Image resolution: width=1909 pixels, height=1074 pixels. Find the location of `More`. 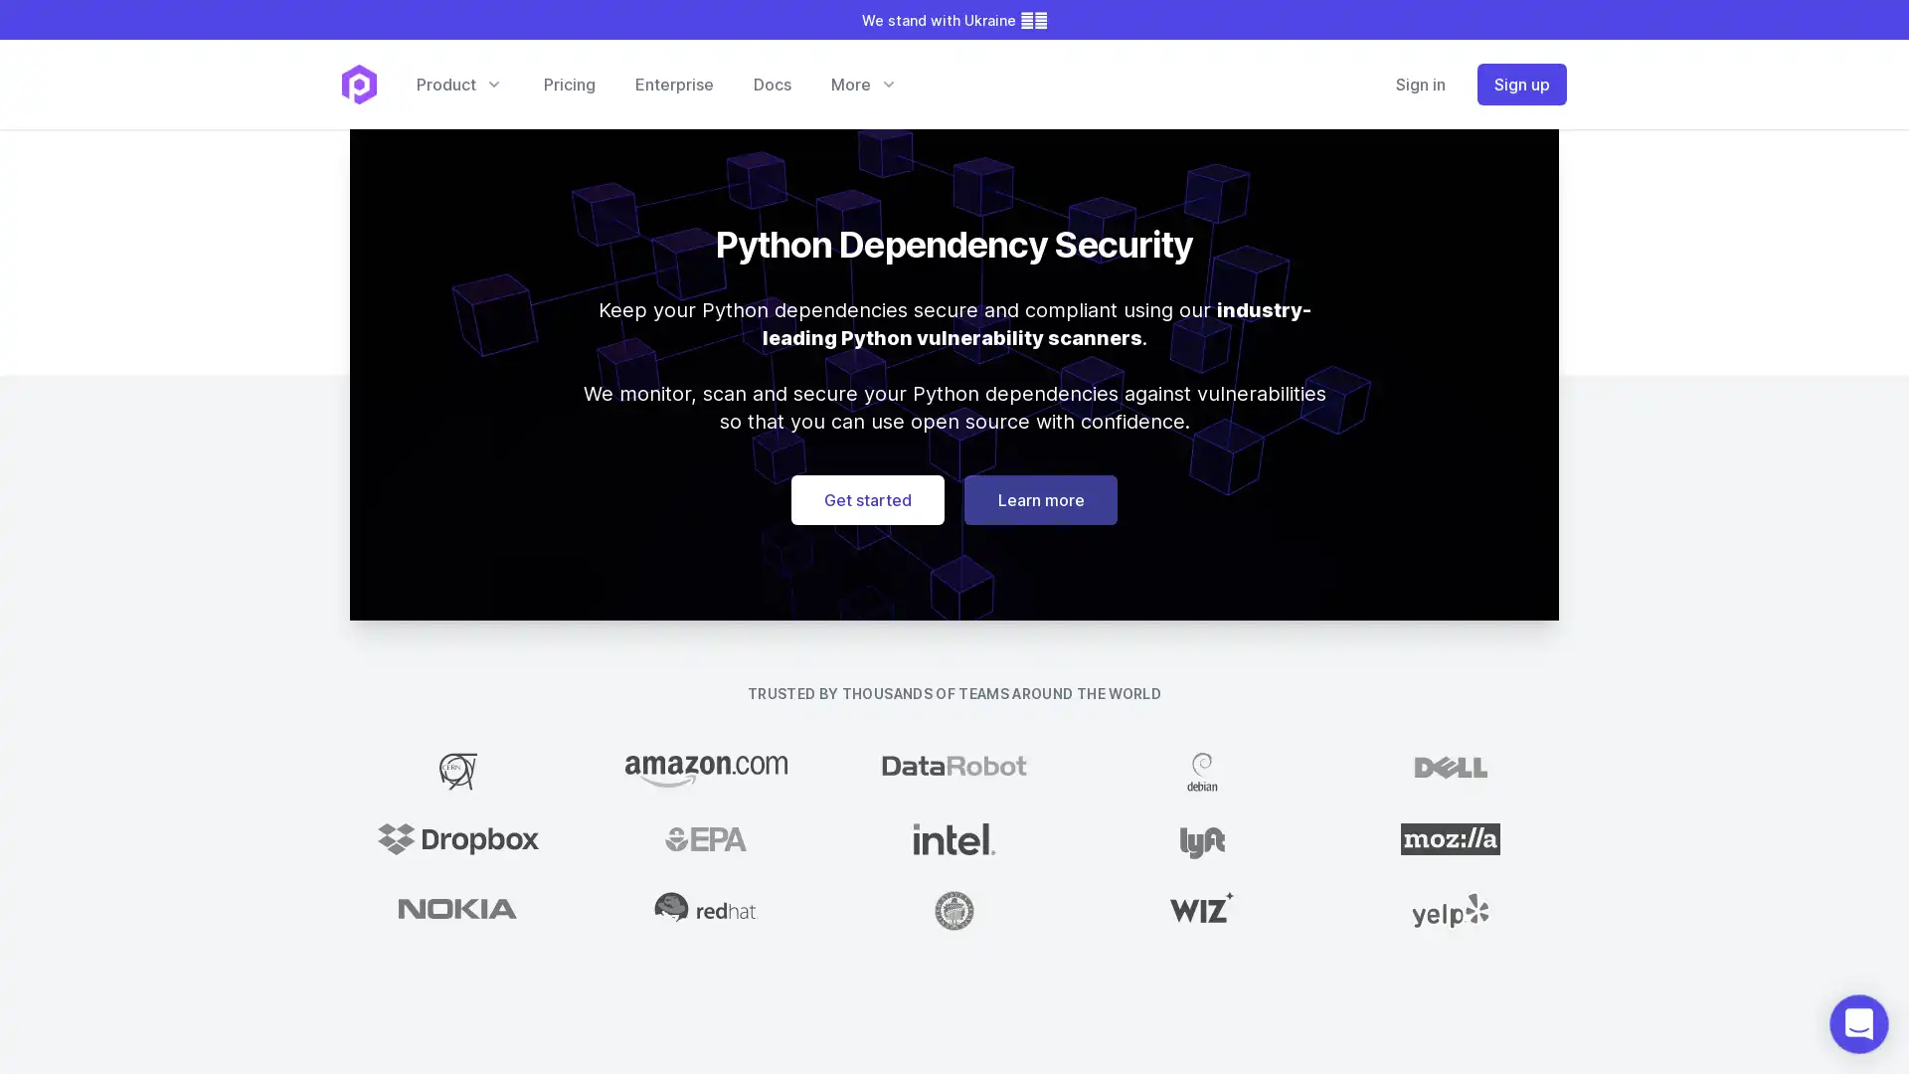

More is located at coordinates (863, 83).